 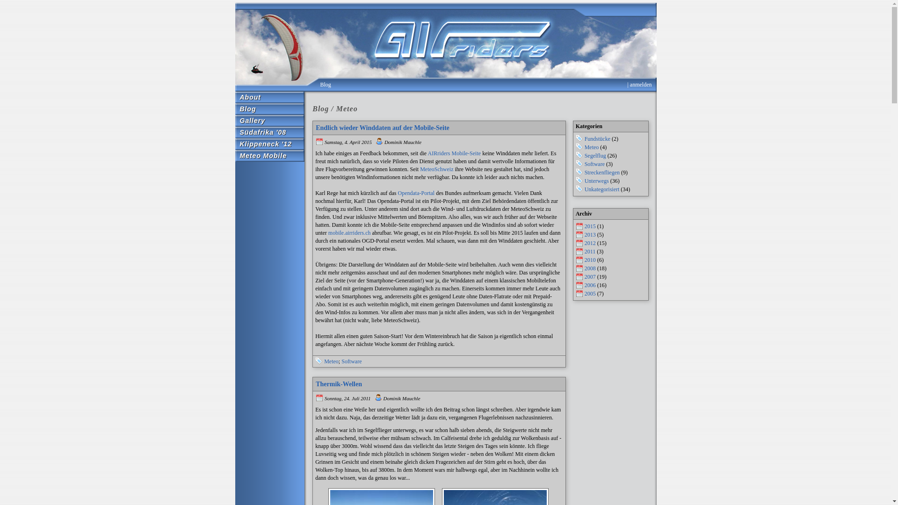 I want to click on 'Meteo', so click(x=324, y=361).